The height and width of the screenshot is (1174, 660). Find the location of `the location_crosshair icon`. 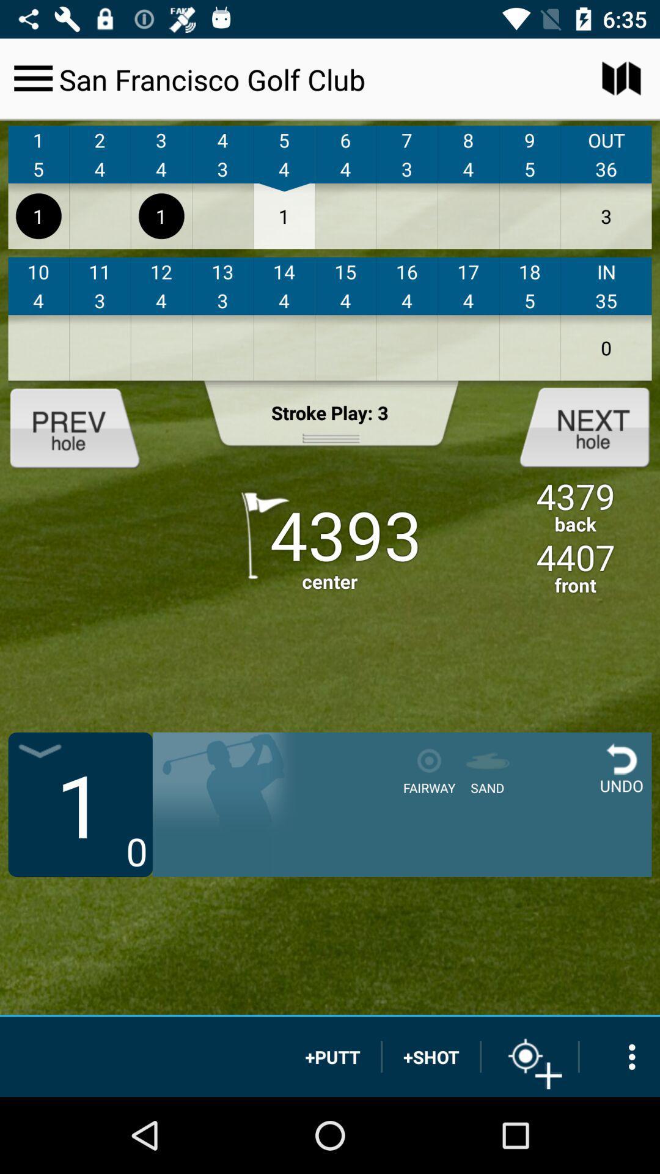

the location_crosshair icon is located at coordinates (529, 1056).